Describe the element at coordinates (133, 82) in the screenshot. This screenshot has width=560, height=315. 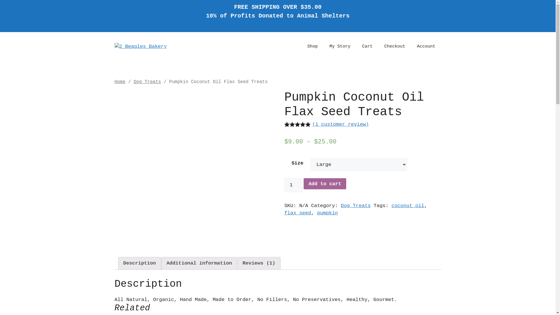
I see `'Dog Treats'` at that location.